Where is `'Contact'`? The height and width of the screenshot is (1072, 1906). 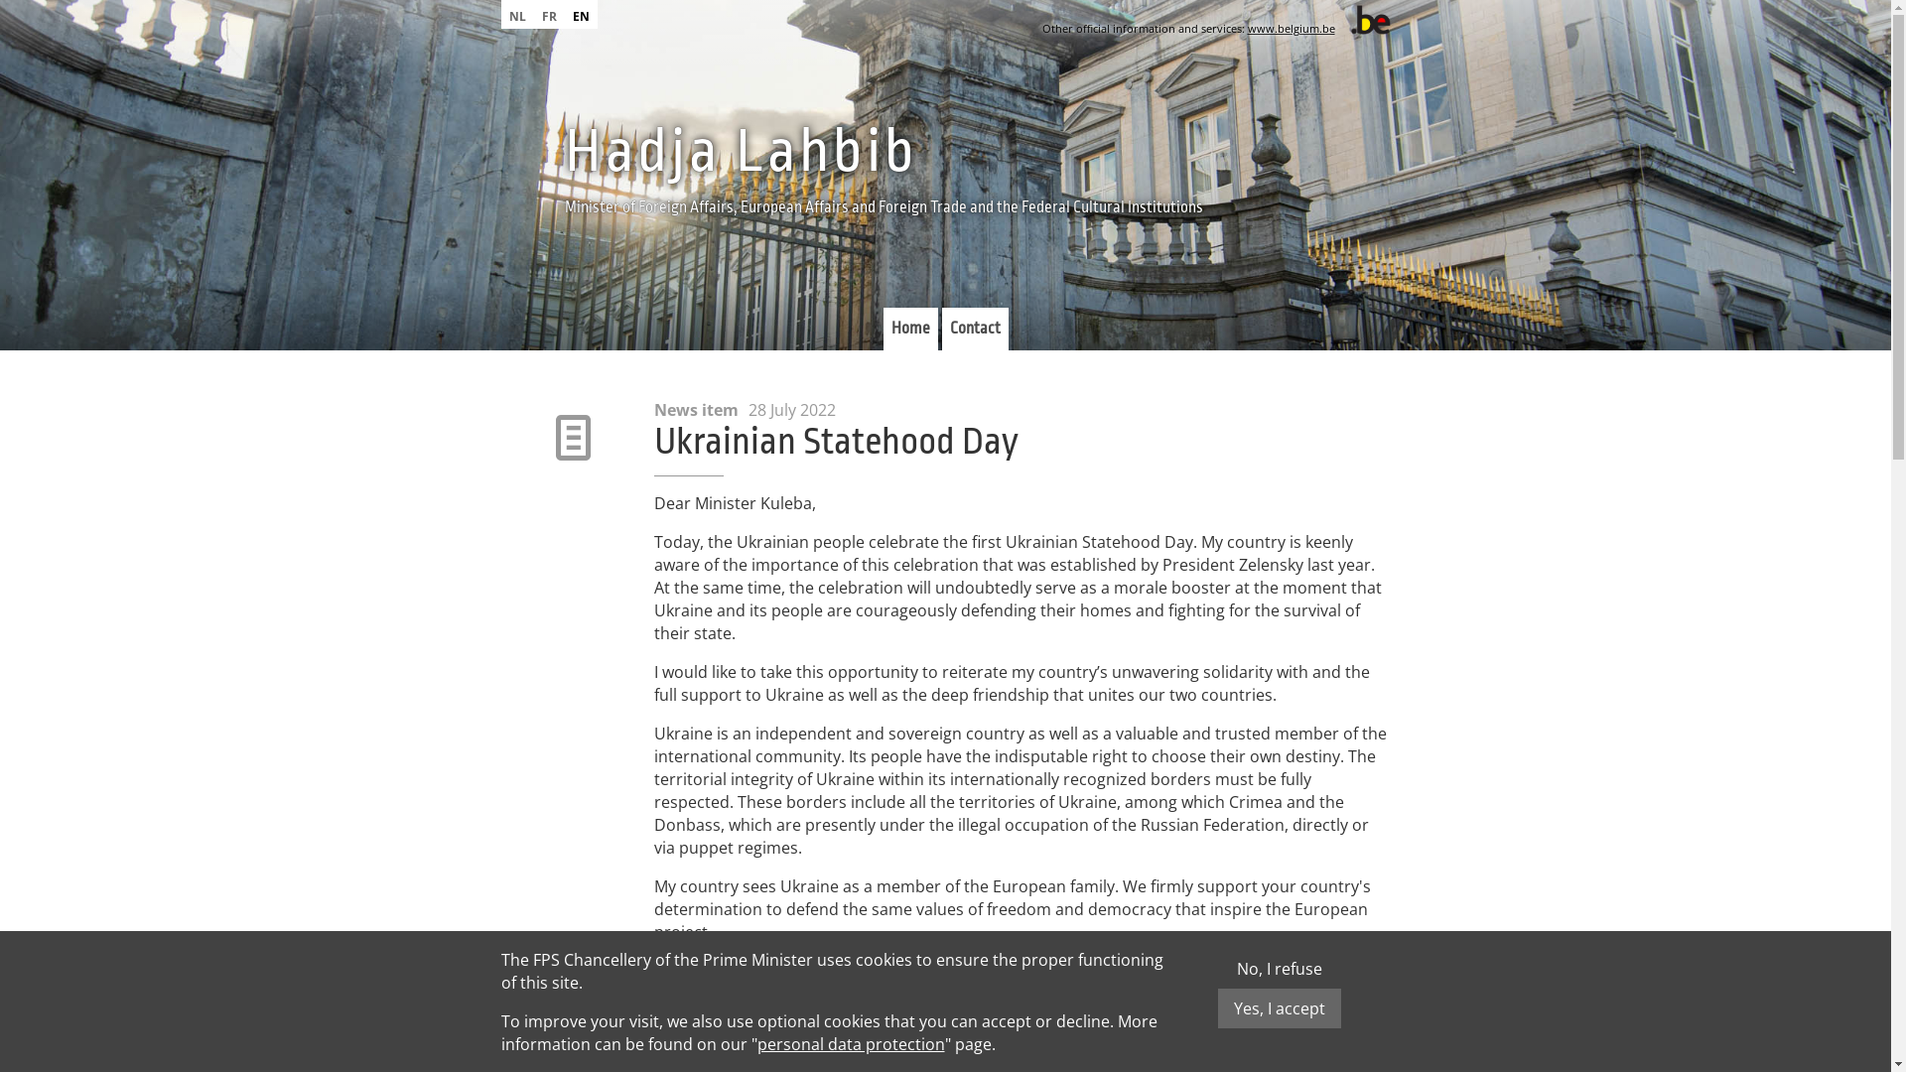
'Contact' is located at coordinates (974, 328).